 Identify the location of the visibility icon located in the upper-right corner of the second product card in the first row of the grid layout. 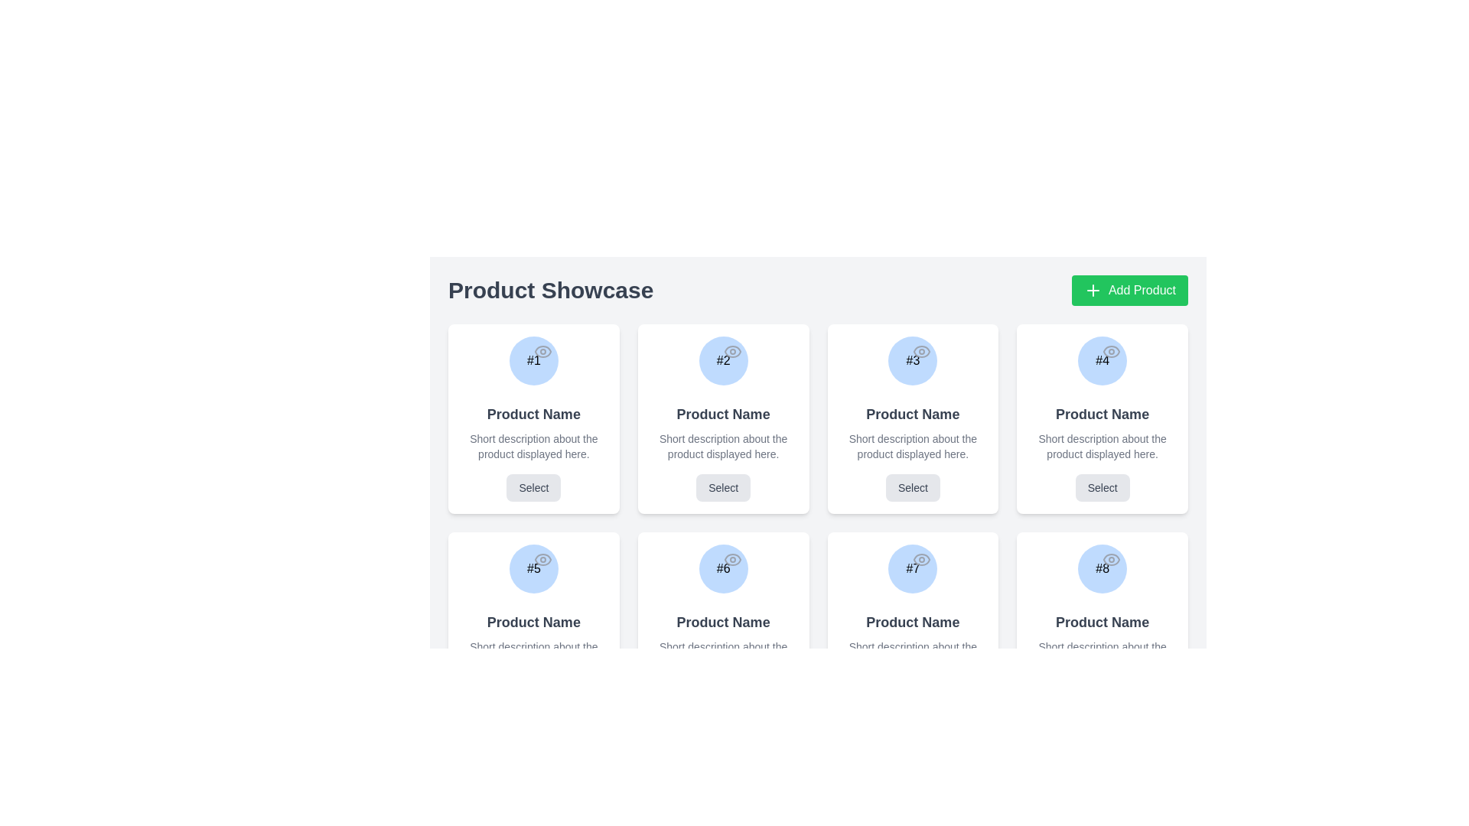
(731, 351).